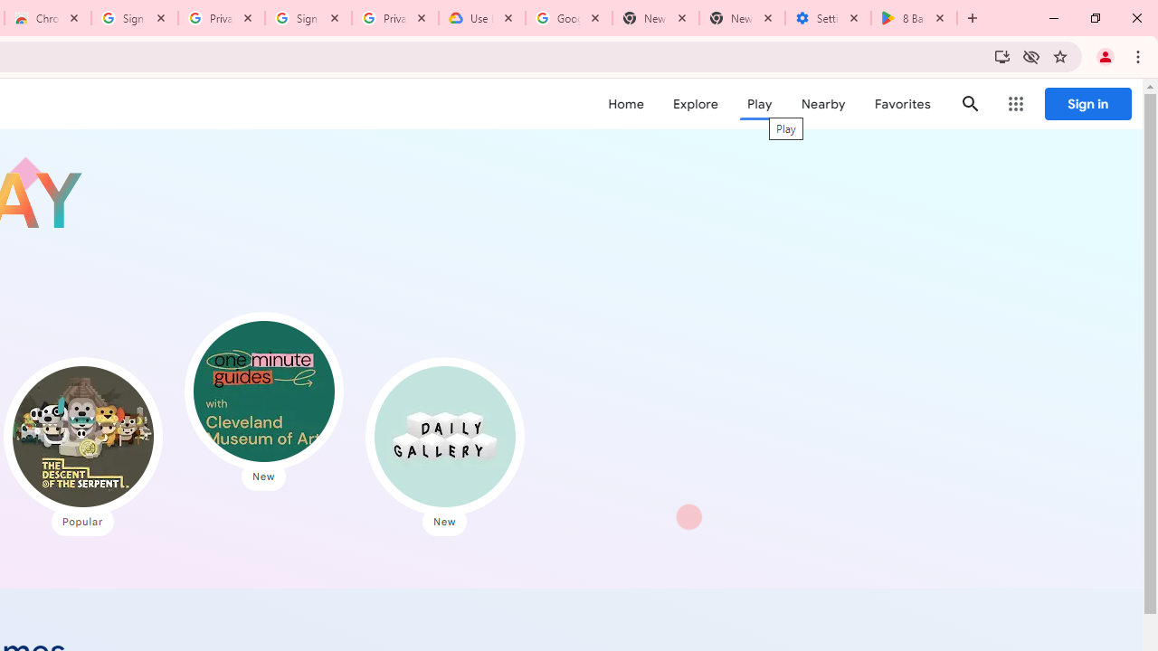  I want to click on 'Daily Gallery', so click(444, 437).